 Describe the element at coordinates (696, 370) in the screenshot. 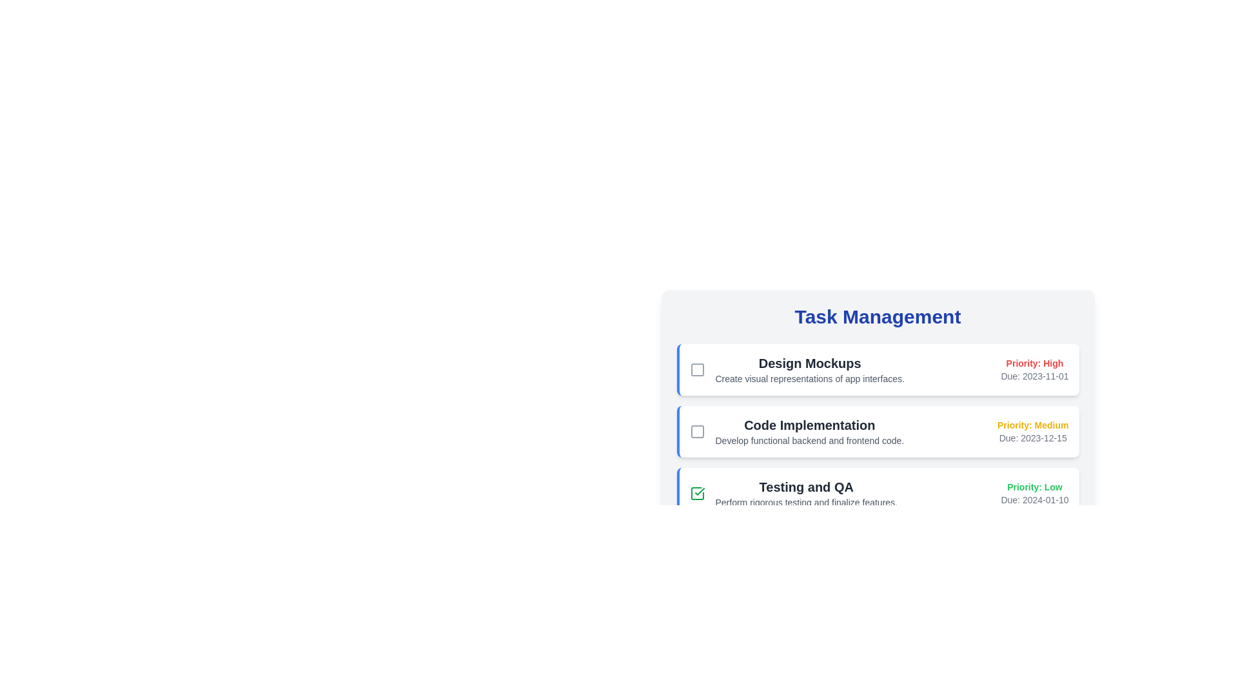

I see `the status indicator icon for the 'Design Mockups' task in the task management list` at that location.